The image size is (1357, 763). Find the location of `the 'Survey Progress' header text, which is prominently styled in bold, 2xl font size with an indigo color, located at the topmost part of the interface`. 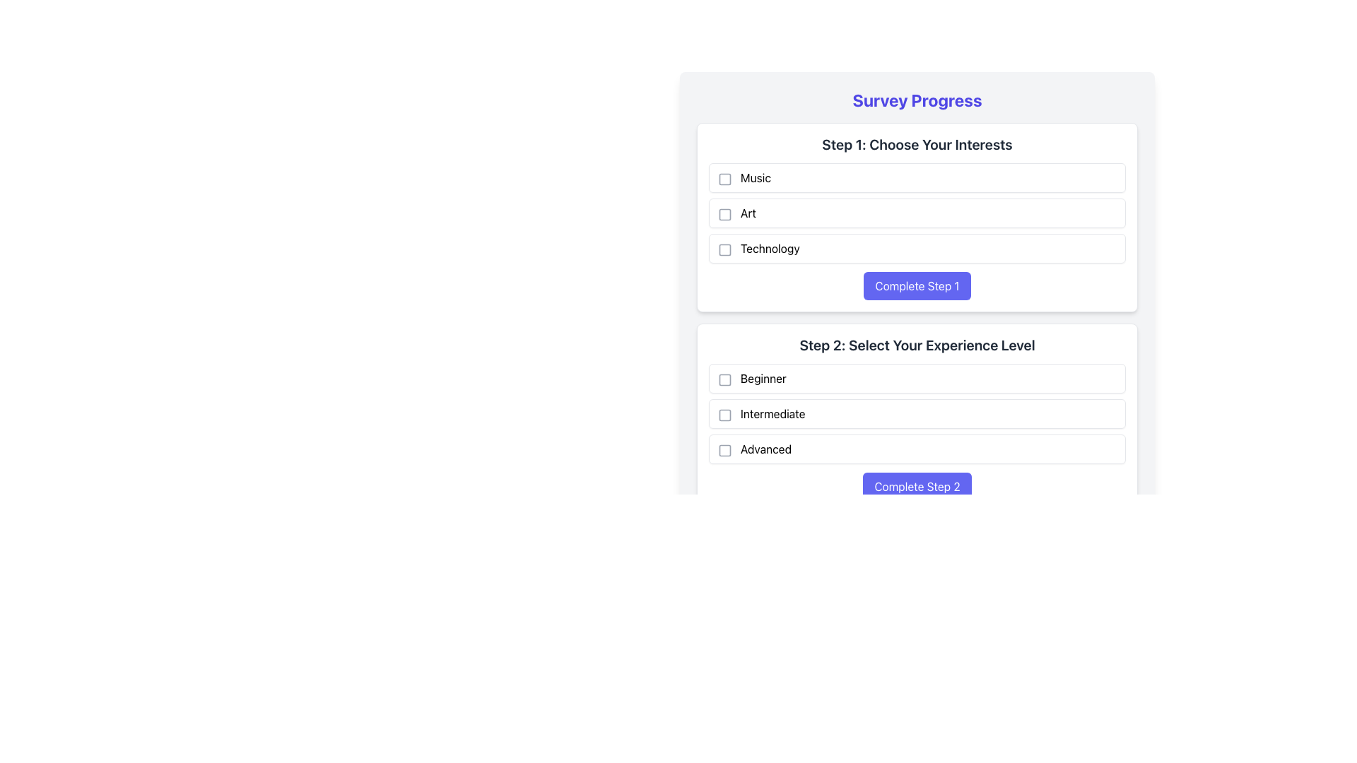

the 'Survey Progress' header text, which is prominently styled in bold, 2xl font size with an indigo color, located at the topmost part of the interface is located at coordinates (917, 100).